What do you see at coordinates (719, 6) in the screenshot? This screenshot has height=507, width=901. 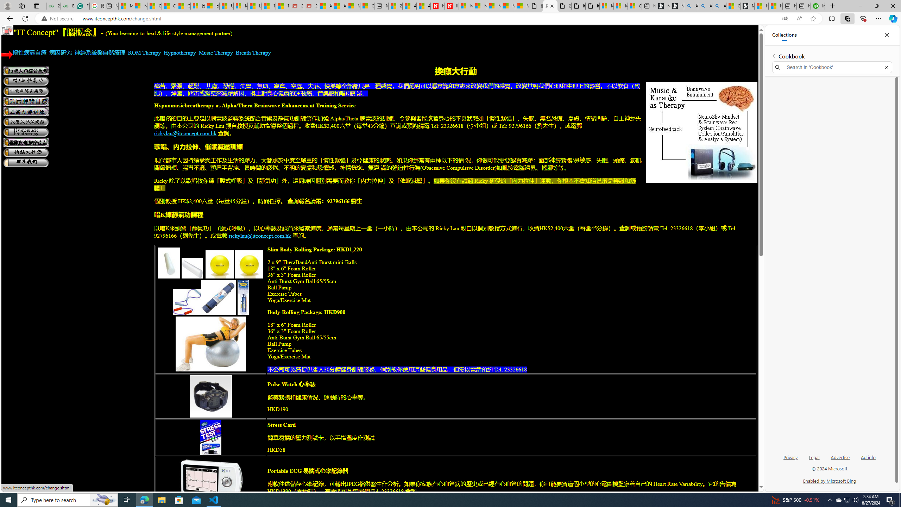 I see `'Alabama high school quarterback dies - Search Videos'` at bounding box center [719, 6].